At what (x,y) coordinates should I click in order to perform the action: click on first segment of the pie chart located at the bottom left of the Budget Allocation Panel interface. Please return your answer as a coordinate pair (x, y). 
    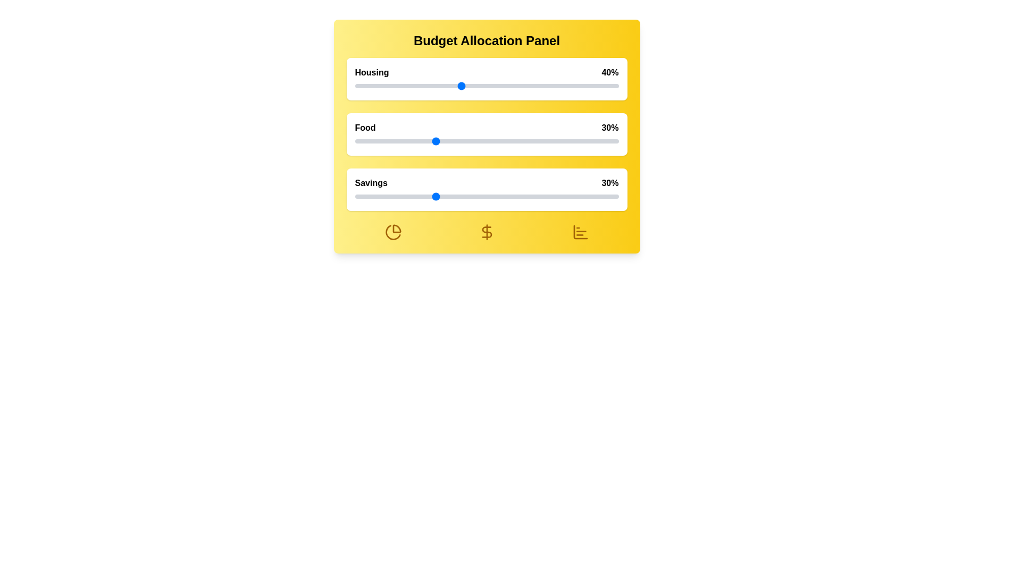
    Looking at the image, I should click on (396, 227).